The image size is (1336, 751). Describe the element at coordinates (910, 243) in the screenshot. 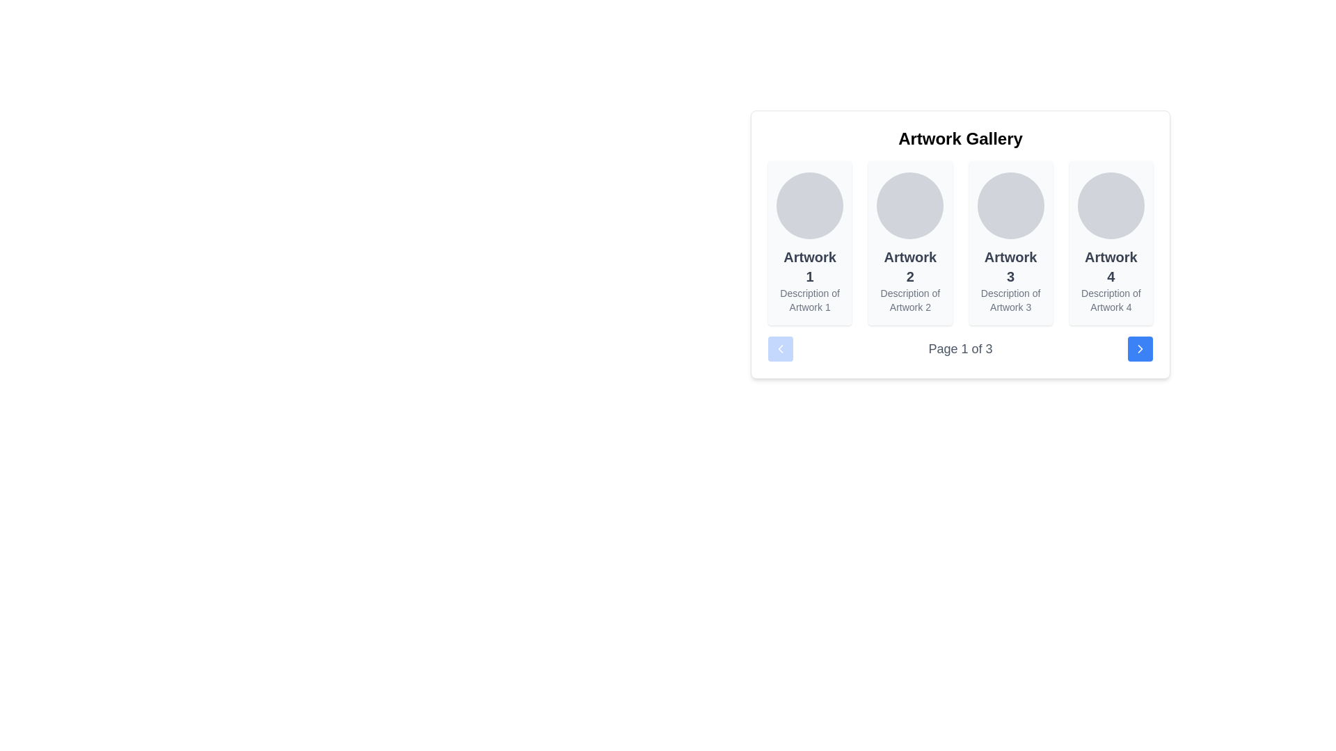

I see `the second card in the gallery grid titled 'Artwork 2'` at that location.